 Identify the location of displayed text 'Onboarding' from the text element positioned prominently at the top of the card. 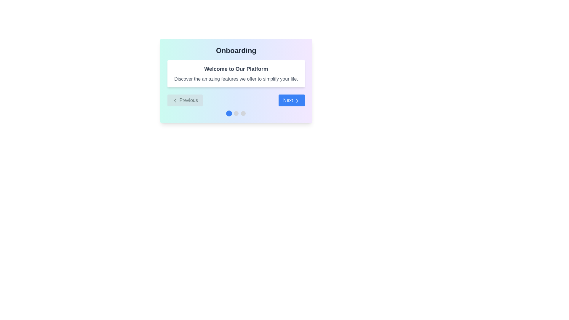
(236, 50).